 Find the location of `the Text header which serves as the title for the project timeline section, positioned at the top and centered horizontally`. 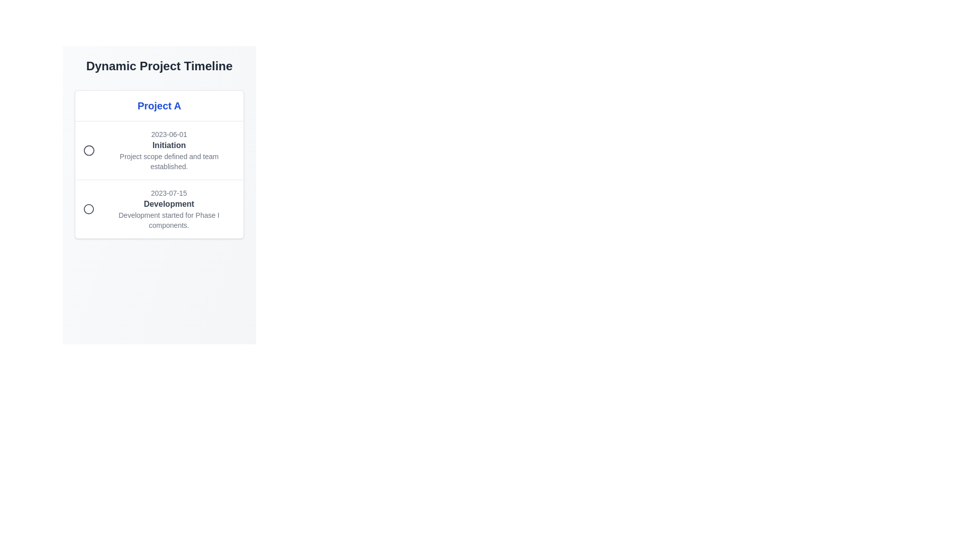

the Text header which serves as the title for the project timeline section, positioned at the top and centered horizontally is located at coordinates (159, 106).